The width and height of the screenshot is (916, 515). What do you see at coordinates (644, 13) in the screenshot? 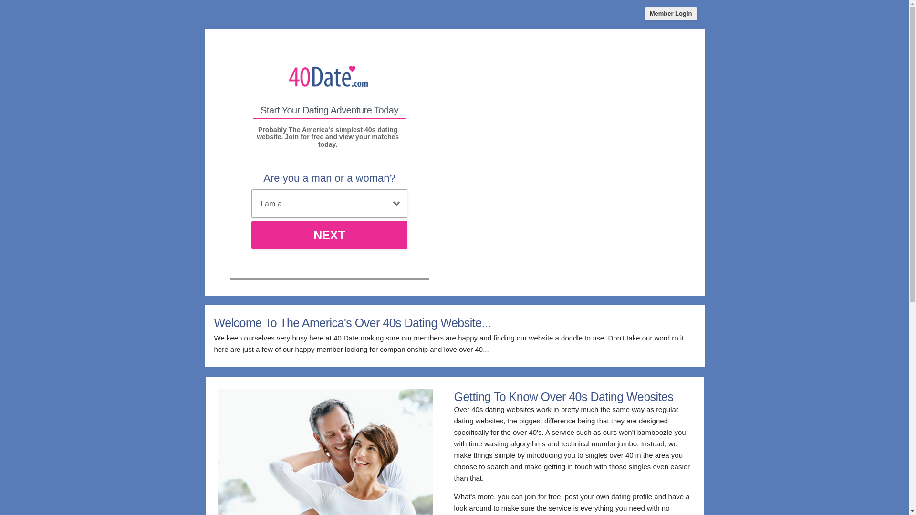
I see `'Member Login'` at bounding box center [644, 13].